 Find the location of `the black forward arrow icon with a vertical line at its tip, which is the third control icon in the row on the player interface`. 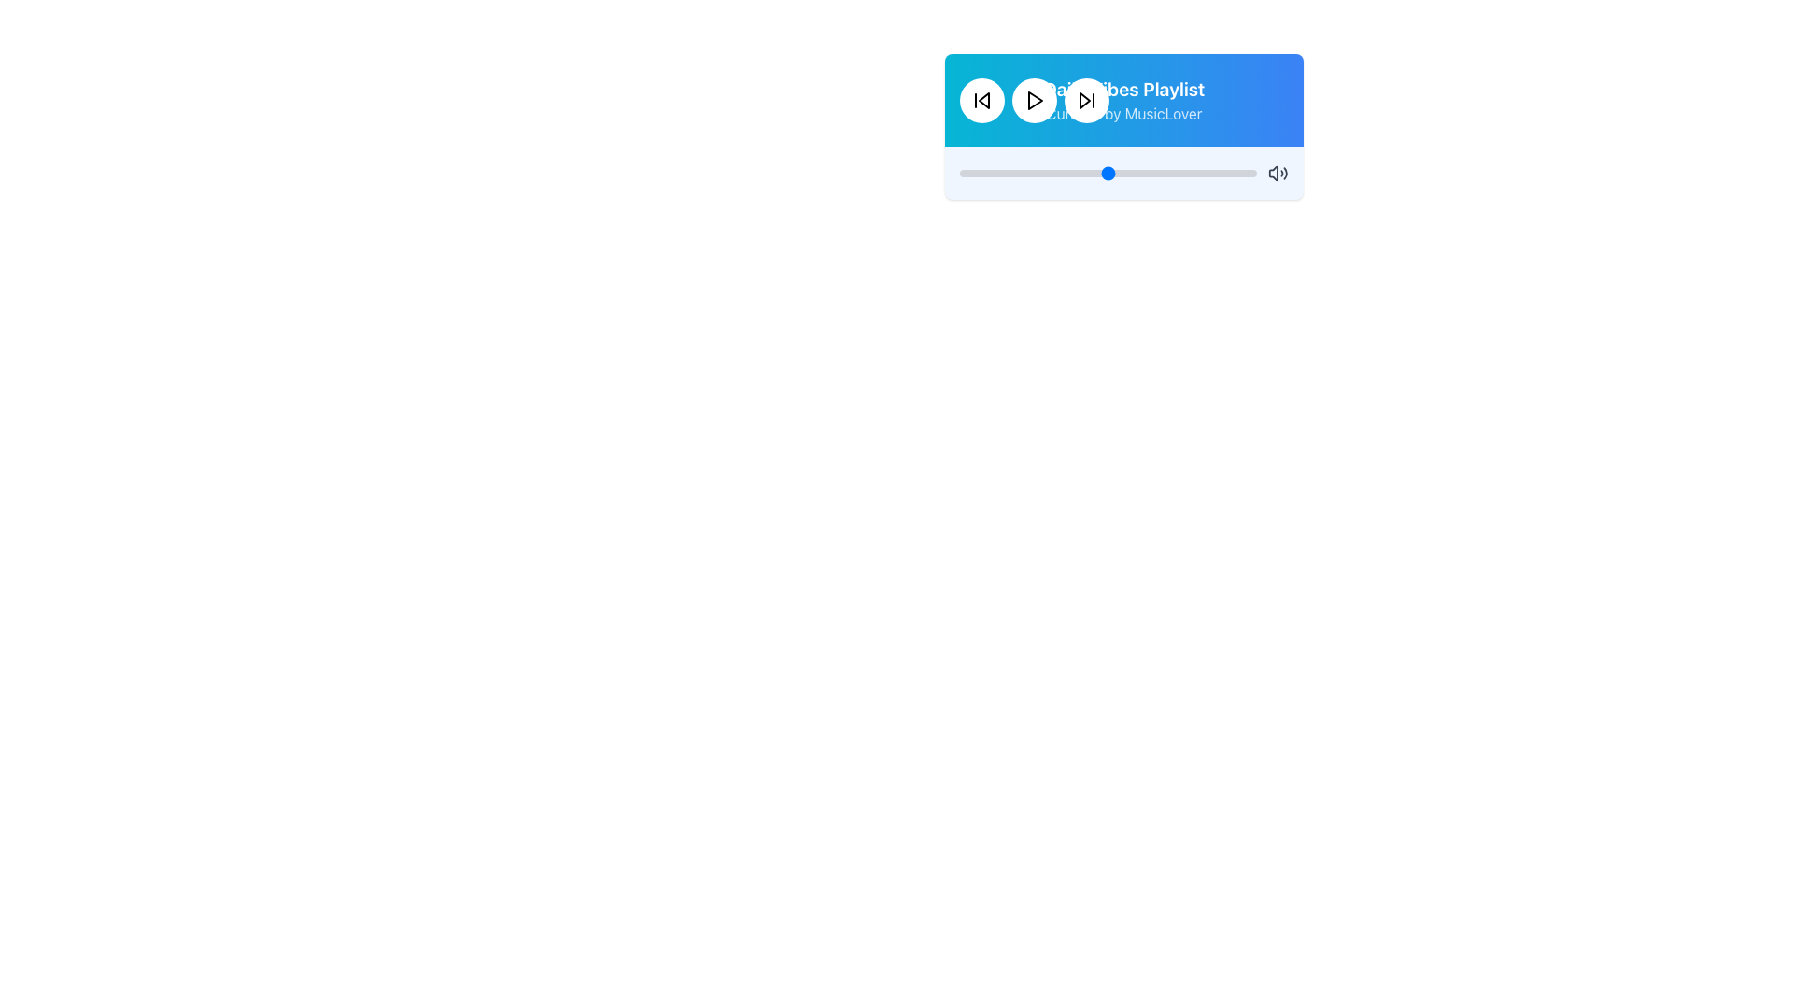

the black forward arrow icon with a vertical line at its tip, which is the third control icon in the row on the player interface is located at coordinates (1086, 101).